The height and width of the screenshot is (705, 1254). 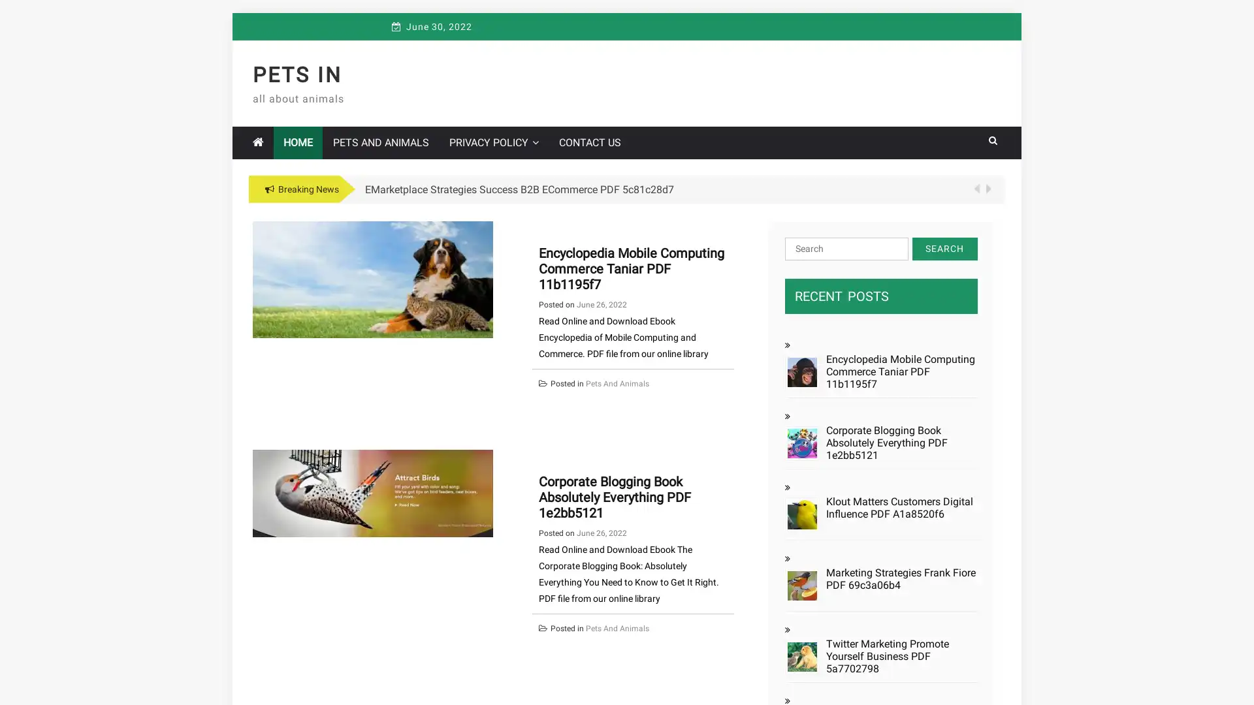 I want to click on Search, so click(x=944, y=248).